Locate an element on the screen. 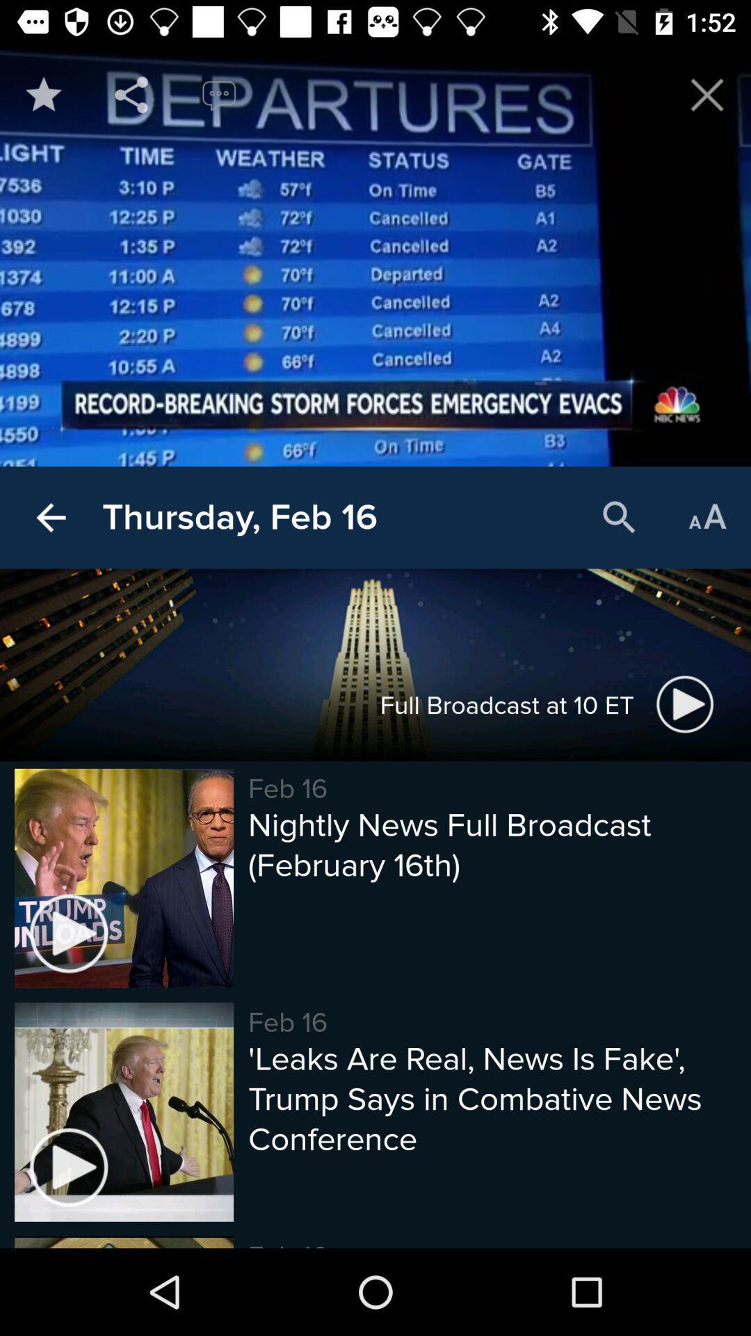 The width and height of the screenshot is (751, 1336). the button on the right next to the share button on the web page is located at coordinates (219, 94).